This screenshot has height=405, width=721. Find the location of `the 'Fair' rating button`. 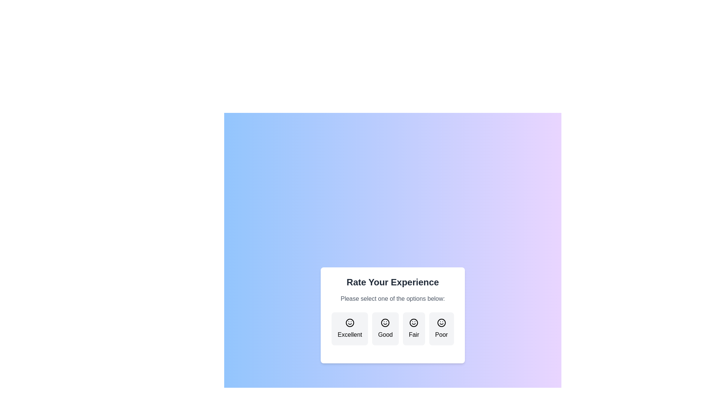

the 'Fair' rating button is located at coordinates (413, 328).